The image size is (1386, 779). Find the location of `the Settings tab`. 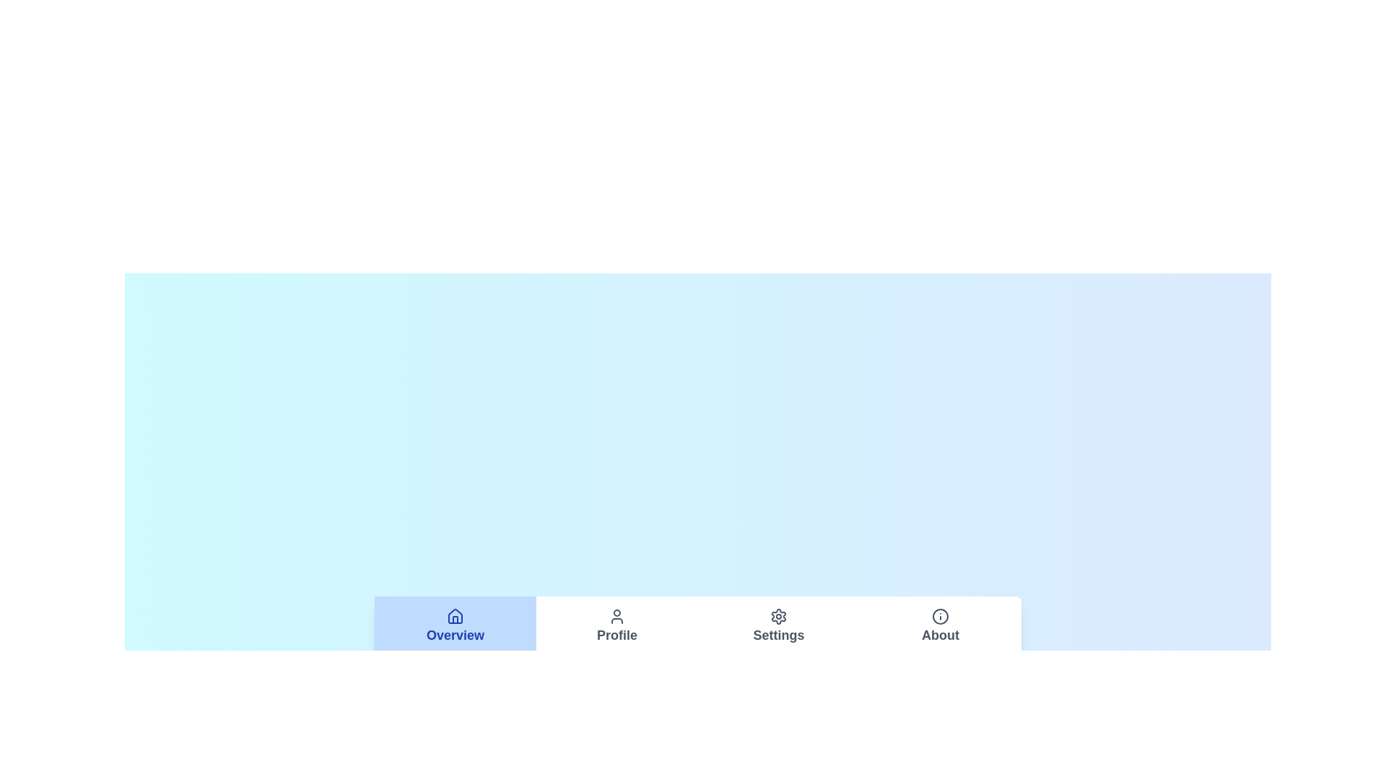

the Settings tab is located at coordinates (778, 625).